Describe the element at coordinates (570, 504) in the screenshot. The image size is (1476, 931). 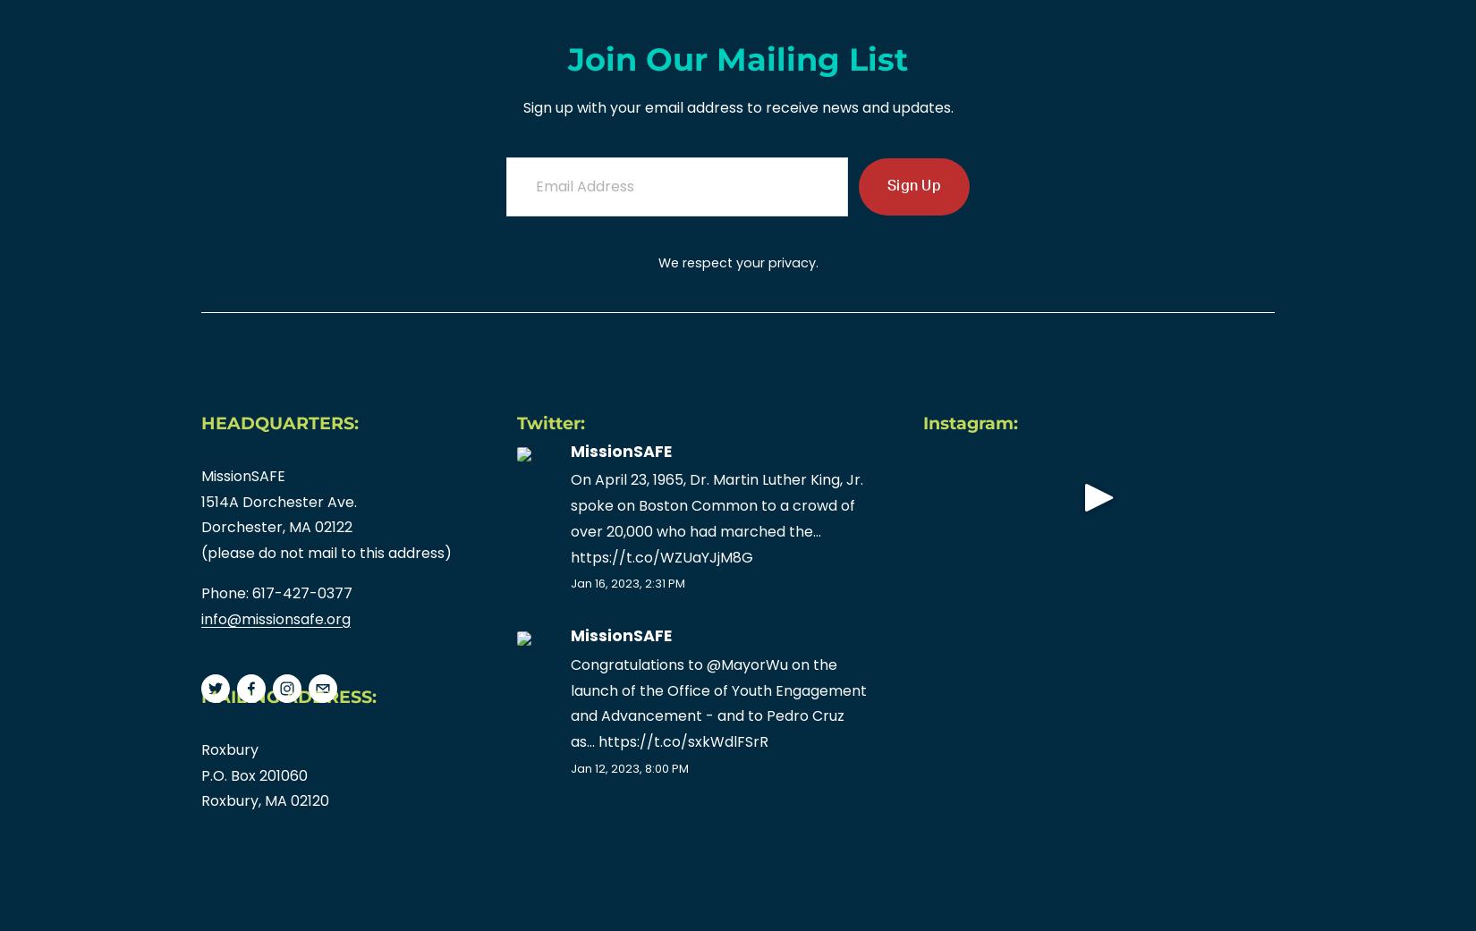
I see `'On April 23, 1965, Dr. Martin Luther King, Jr. spoke on Boston Common to a crowd of over 20,000 who had marched the…'` at that location.